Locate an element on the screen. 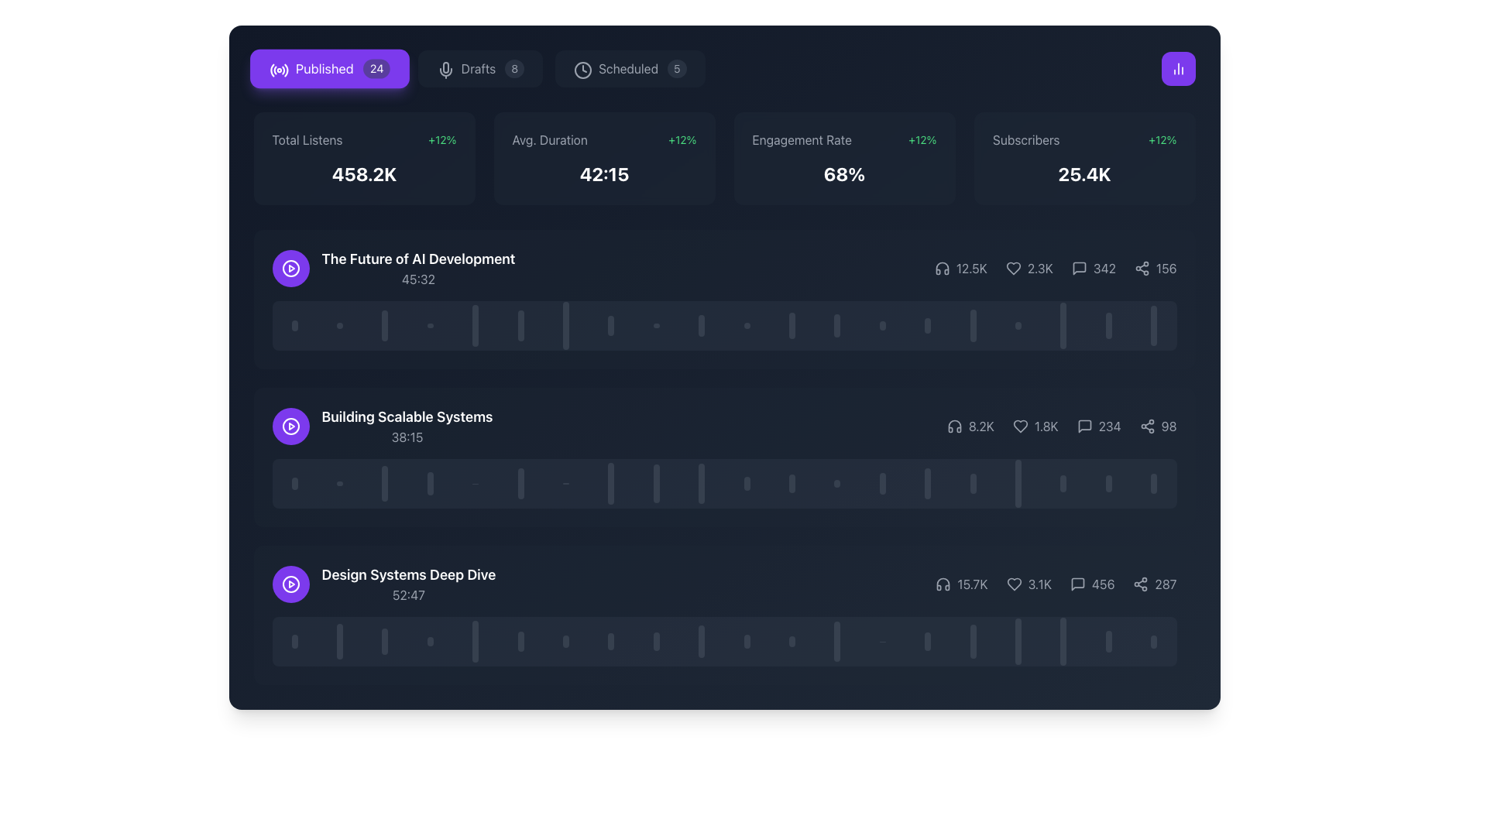 The image size is (1487, 836). the share icon located at the bottom-right corner of the last content panel, adjacent to the text '287' is located at coordinates (1141, 584).